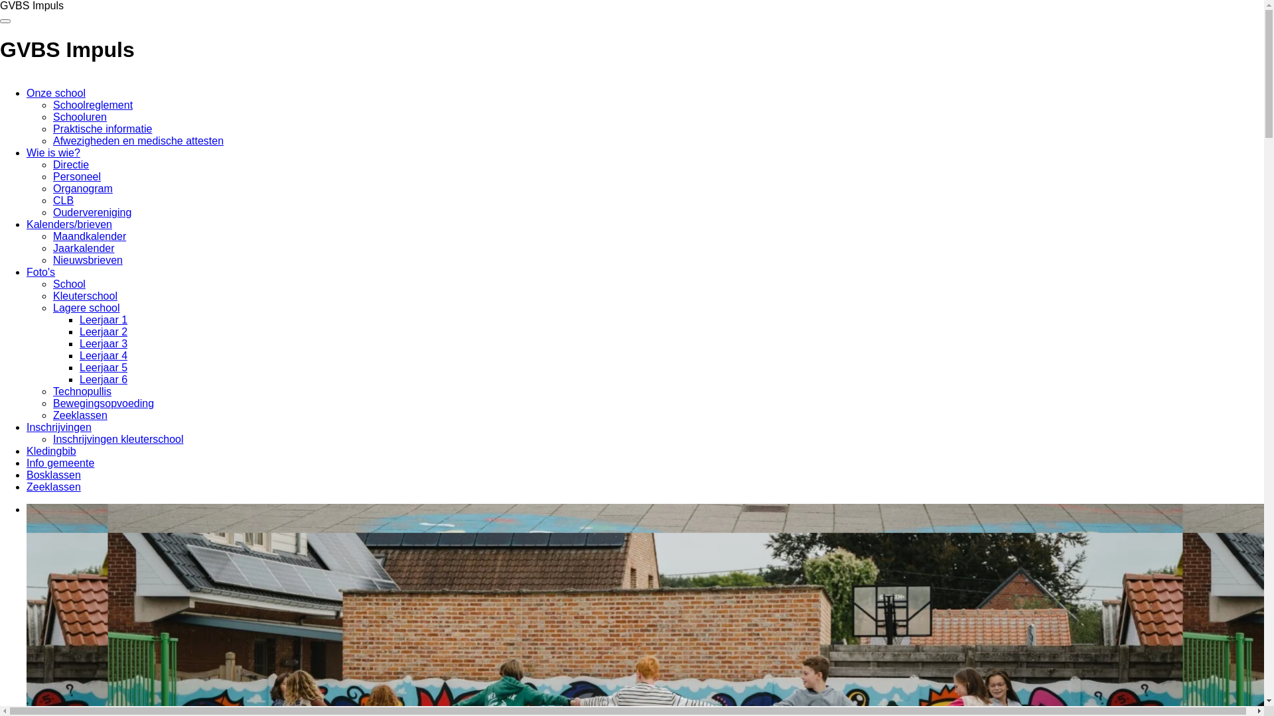  Describe the element at coordinates (88, 235) in the screenshot. I see `'Maandkalender'` at that location.